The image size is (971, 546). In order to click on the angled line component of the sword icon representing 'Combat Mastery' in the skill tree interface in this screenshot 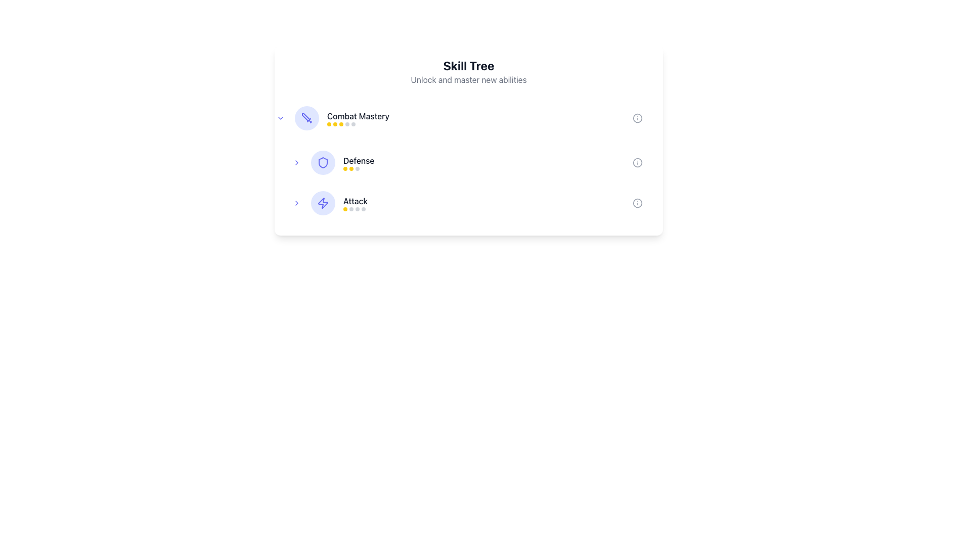, I will do `click(305, 117)`.